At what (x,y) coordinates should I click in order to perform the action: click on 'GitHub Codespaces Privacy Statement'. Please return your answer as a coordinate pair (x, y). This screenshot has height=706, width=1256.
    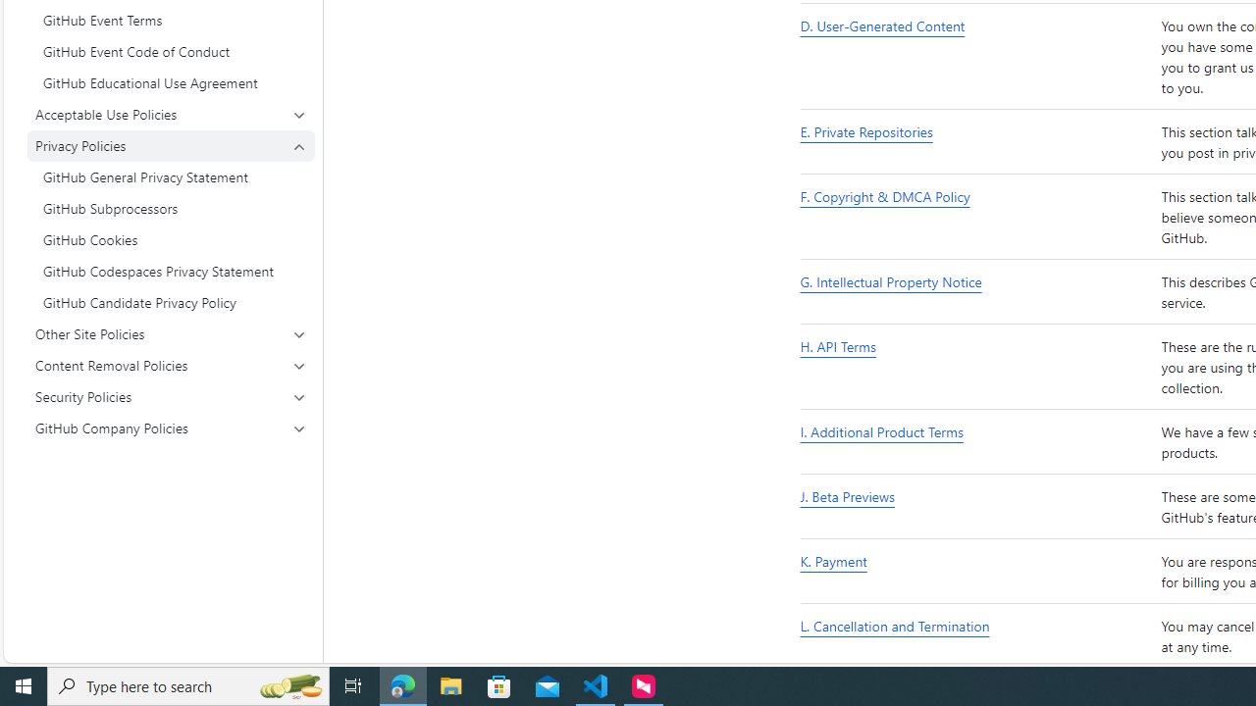
    Looking at the image, I should click on (171, 271).